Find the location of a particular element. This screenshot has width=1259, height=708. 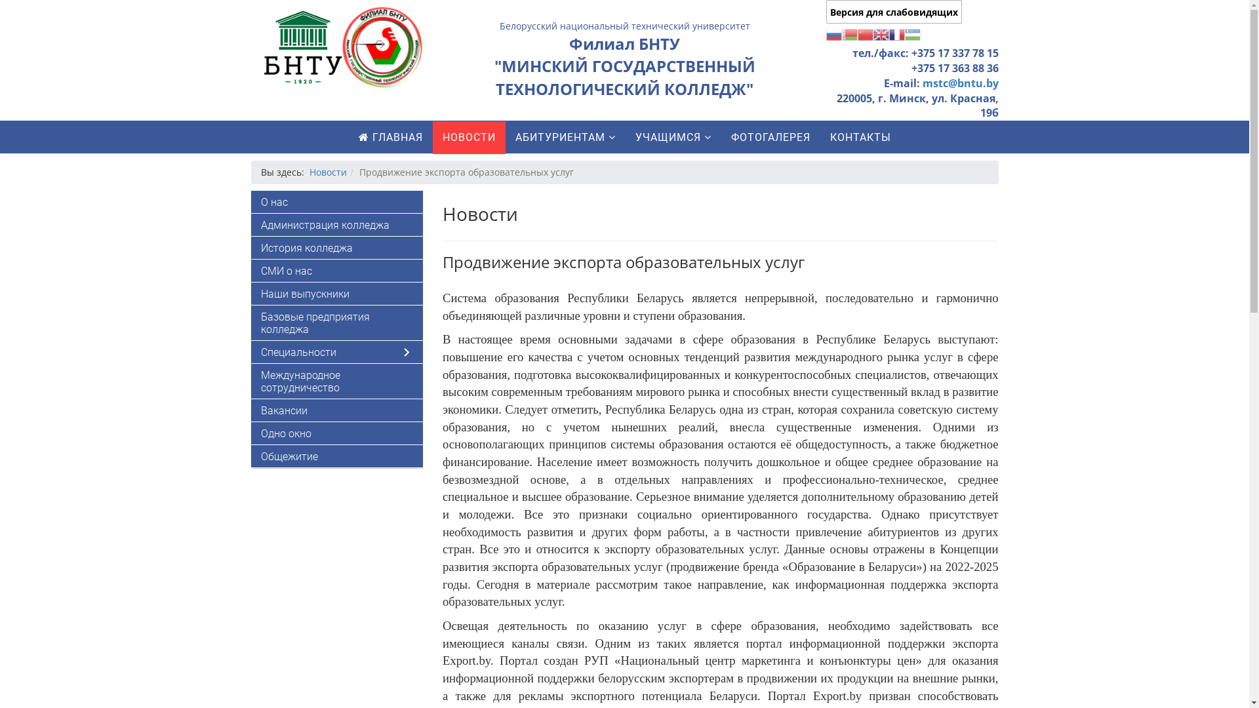

'Uzbek' is located at coordinates (904, 33).